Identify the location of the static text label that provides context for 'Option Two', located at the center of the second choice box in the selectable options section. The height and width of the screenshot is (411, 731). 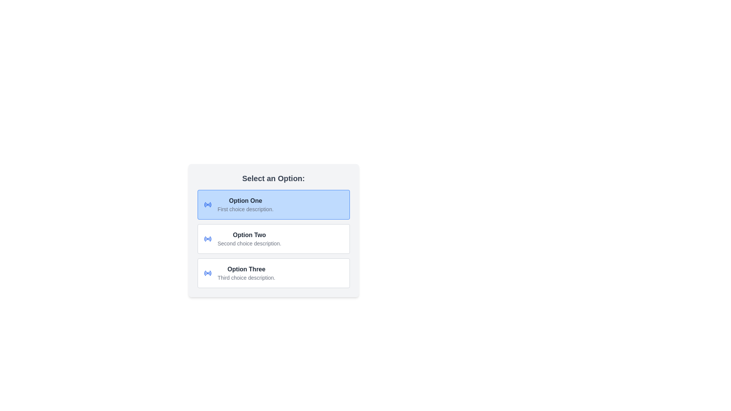
(249, 244).